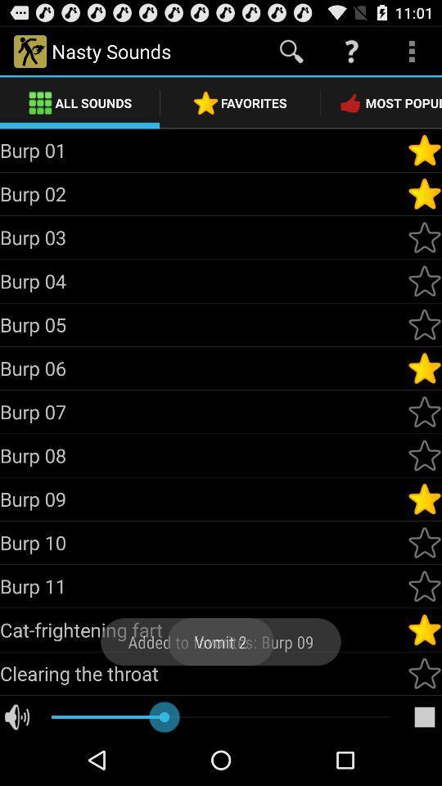  What do you see at coordinates (424, 629) in the screenshot?
I see `a nasty sound` at bounding box center [424, 629].